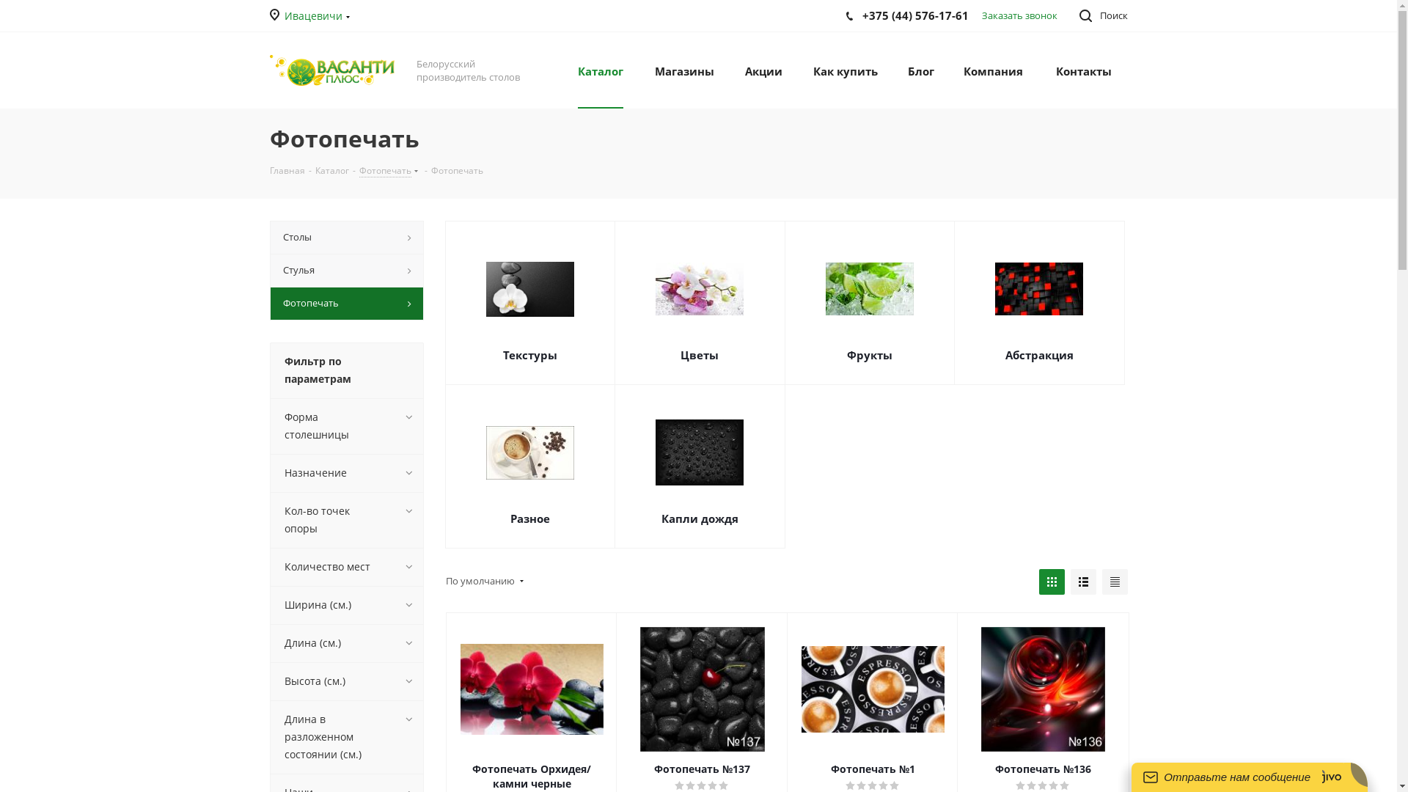  Describe the element at coordinates (718, 785) in the screenshot. I see `'5'` at that location.